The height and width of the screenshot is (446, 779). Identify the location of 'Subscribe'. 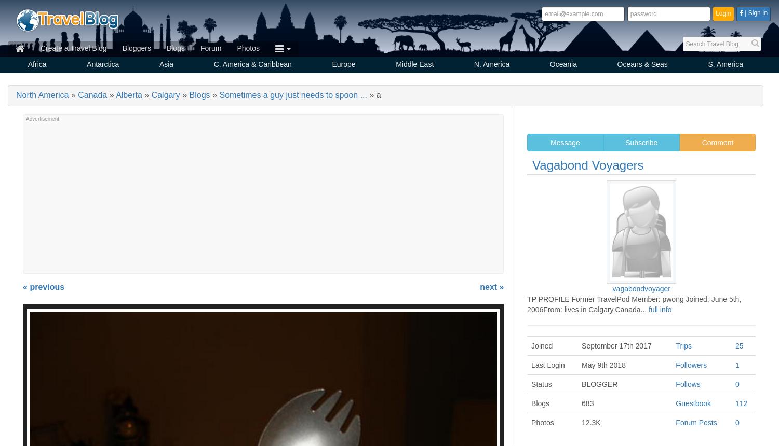
(640, 141).